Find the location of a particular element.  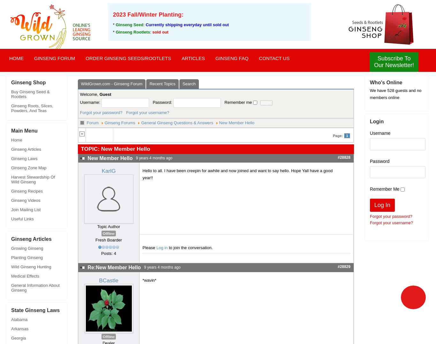

'KarlG' is located at coordinates (108, 171).